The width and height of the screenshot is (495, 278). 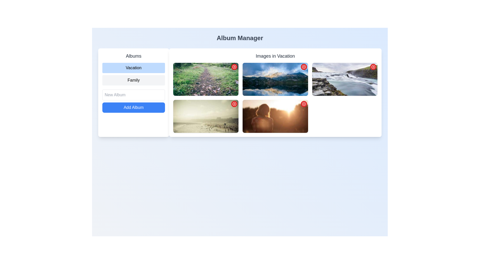 What do you see at coordinates (134, 67) in the screenshot?
I see `the 'Vacation' button with a light blue background located in the 'Albums' section to observe the background color change` at bounding box center [134, 67].